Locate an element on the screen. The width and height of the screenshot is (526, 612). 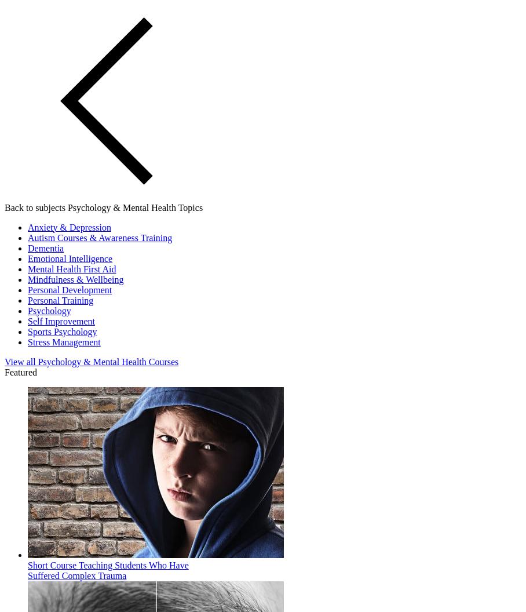
'Emotional Intelligence' is located at coordinates (70, 258).